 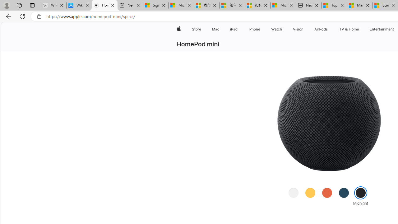 What do you see at coordinates (361, 192) in the screenshot?
I see `'Midnight'` at bounding box center [361, 192].